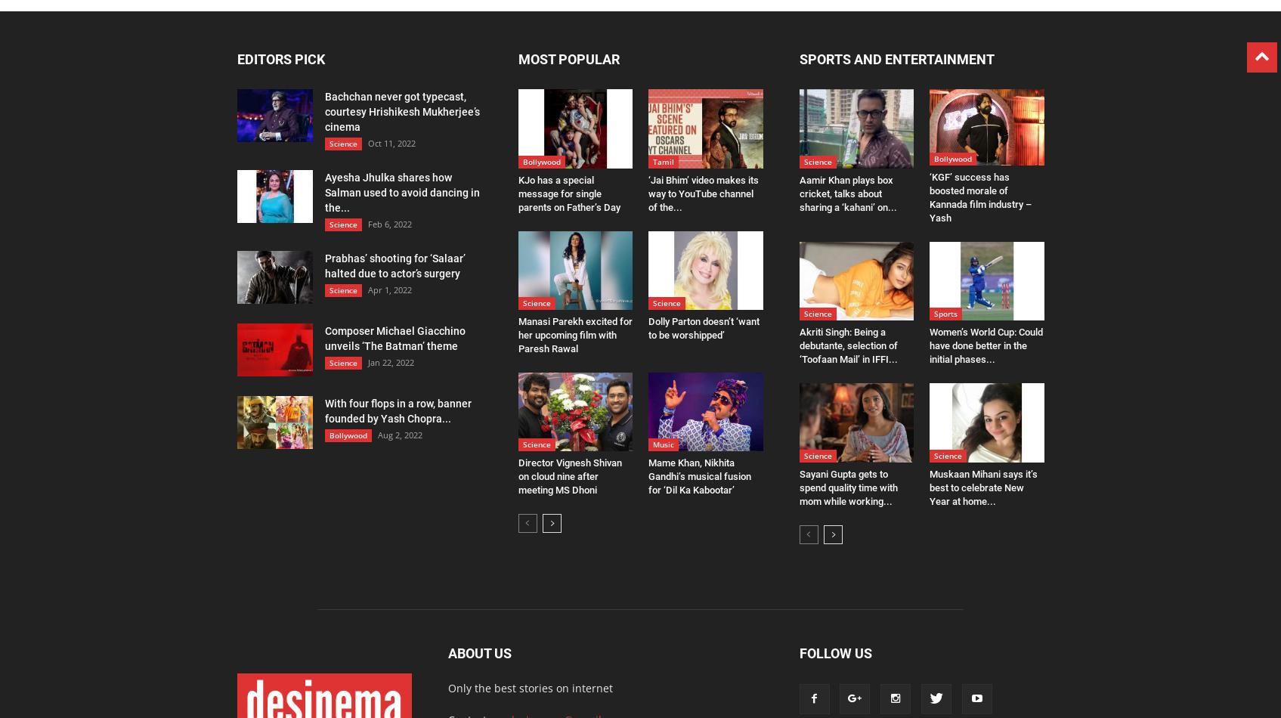 The height and width of the screenshot is (718, 1281). I want to click on 'ABOUT US', so click(478, 651).